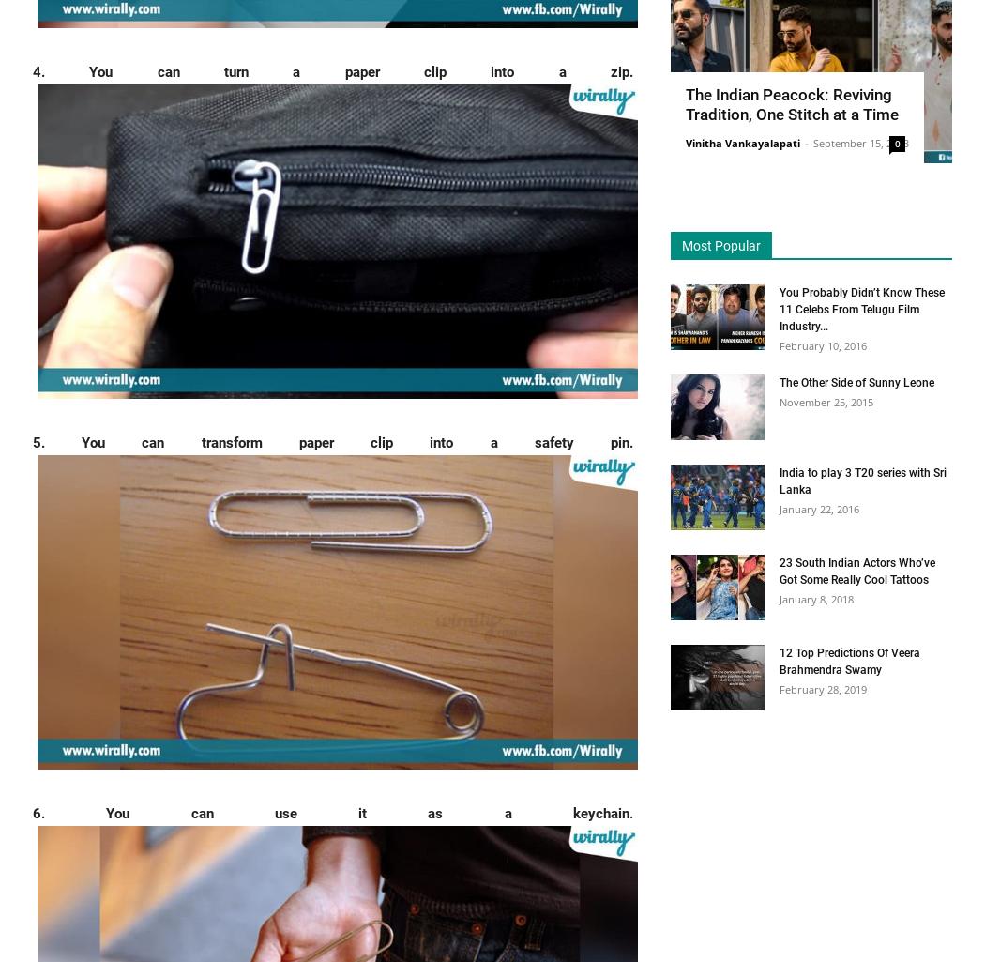  Describe the element at coordinates (742, 141) in the screenshot. I see `'Vinitha Vankayalapati'` at that location.